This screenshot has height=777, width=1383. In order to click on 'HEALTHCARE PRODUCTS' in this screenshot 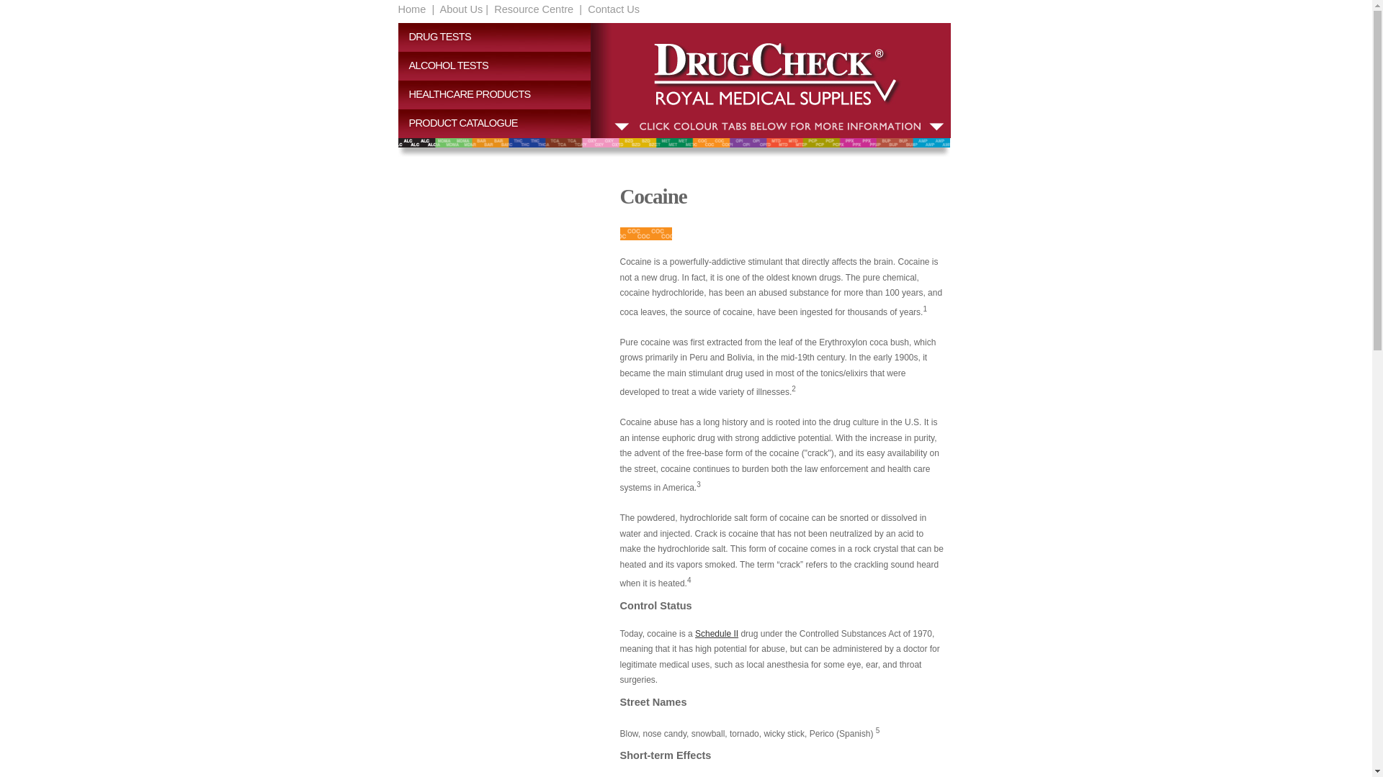, I will do `click(500, 94)`.